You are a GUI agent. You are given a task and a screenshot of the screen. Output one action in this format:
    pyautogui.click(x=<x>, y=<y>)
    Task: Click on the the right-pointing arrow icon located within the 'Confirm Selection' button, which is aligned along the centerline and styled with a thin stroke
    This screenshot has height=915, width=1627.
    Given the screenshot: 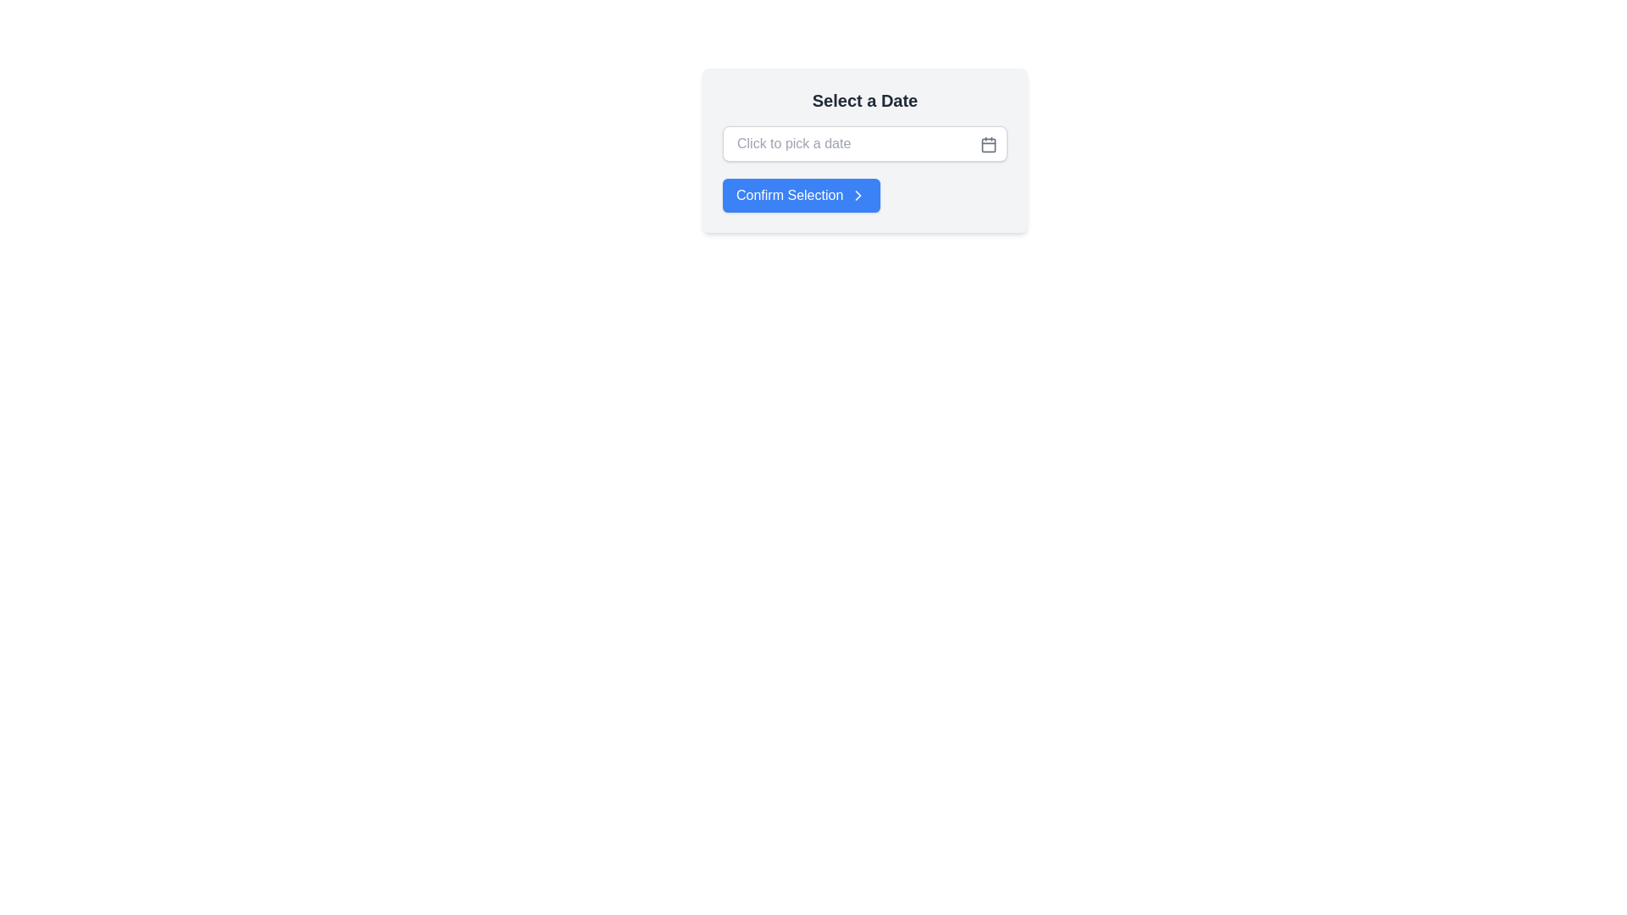 What is the action you would take?
    pyautogui.click(x=858, y=195)
    